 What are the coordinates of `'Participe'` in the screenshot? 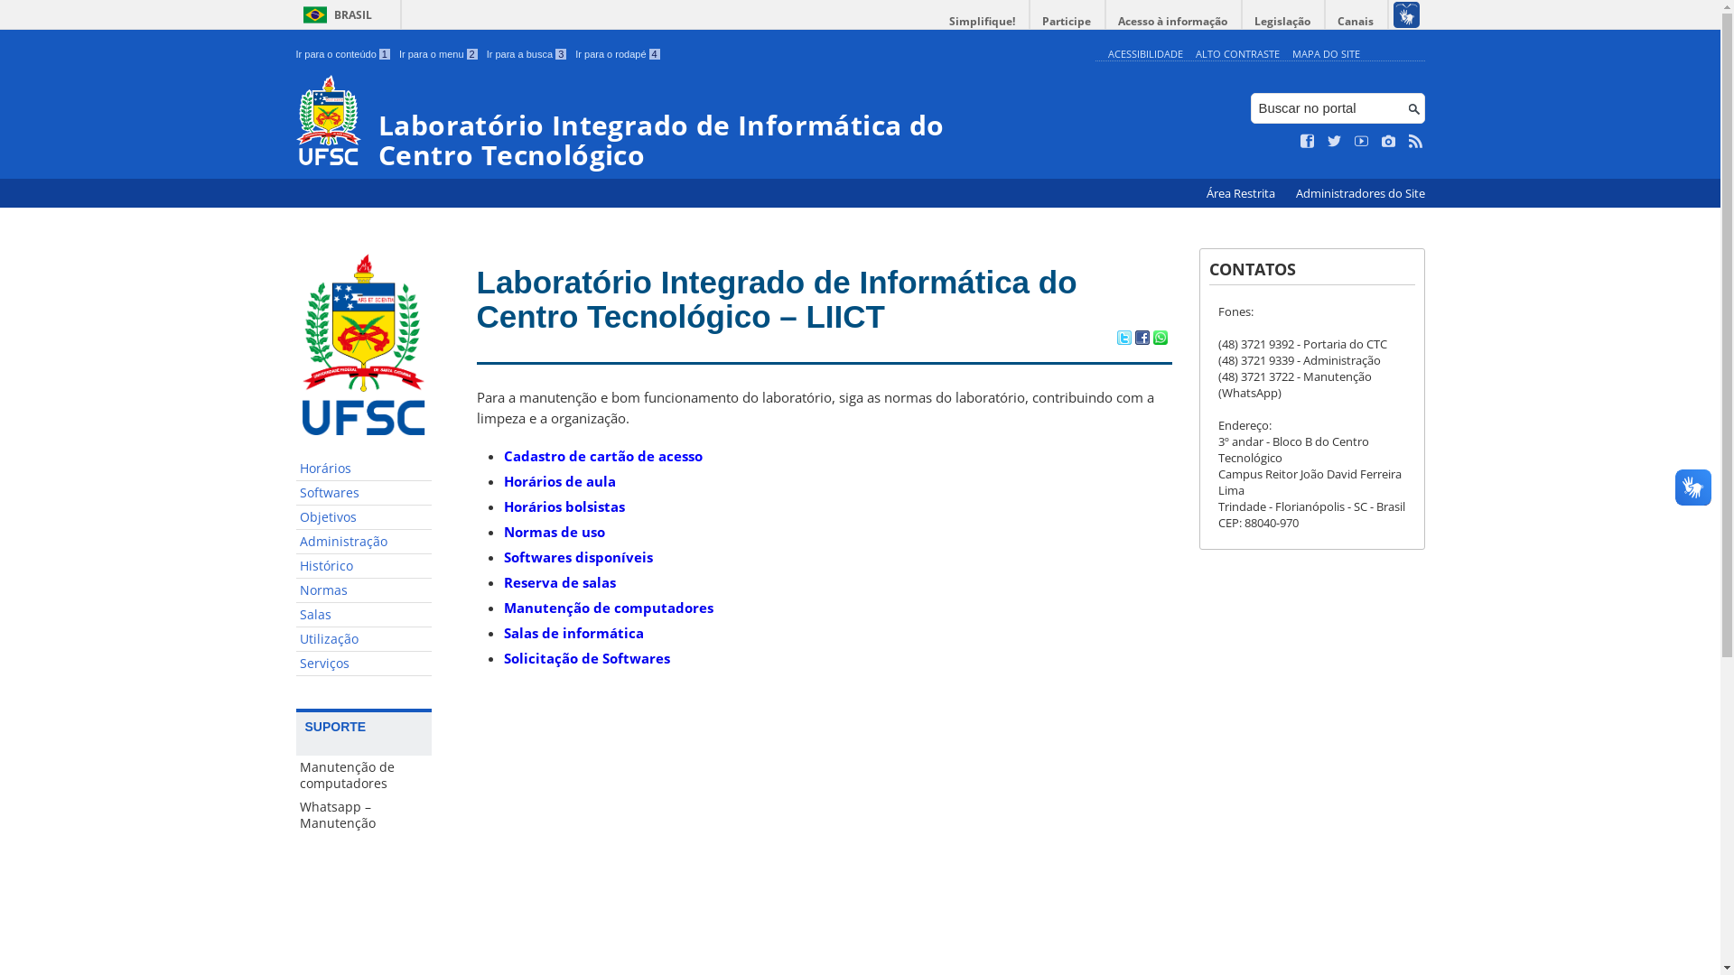 It's located at (1066, 21).